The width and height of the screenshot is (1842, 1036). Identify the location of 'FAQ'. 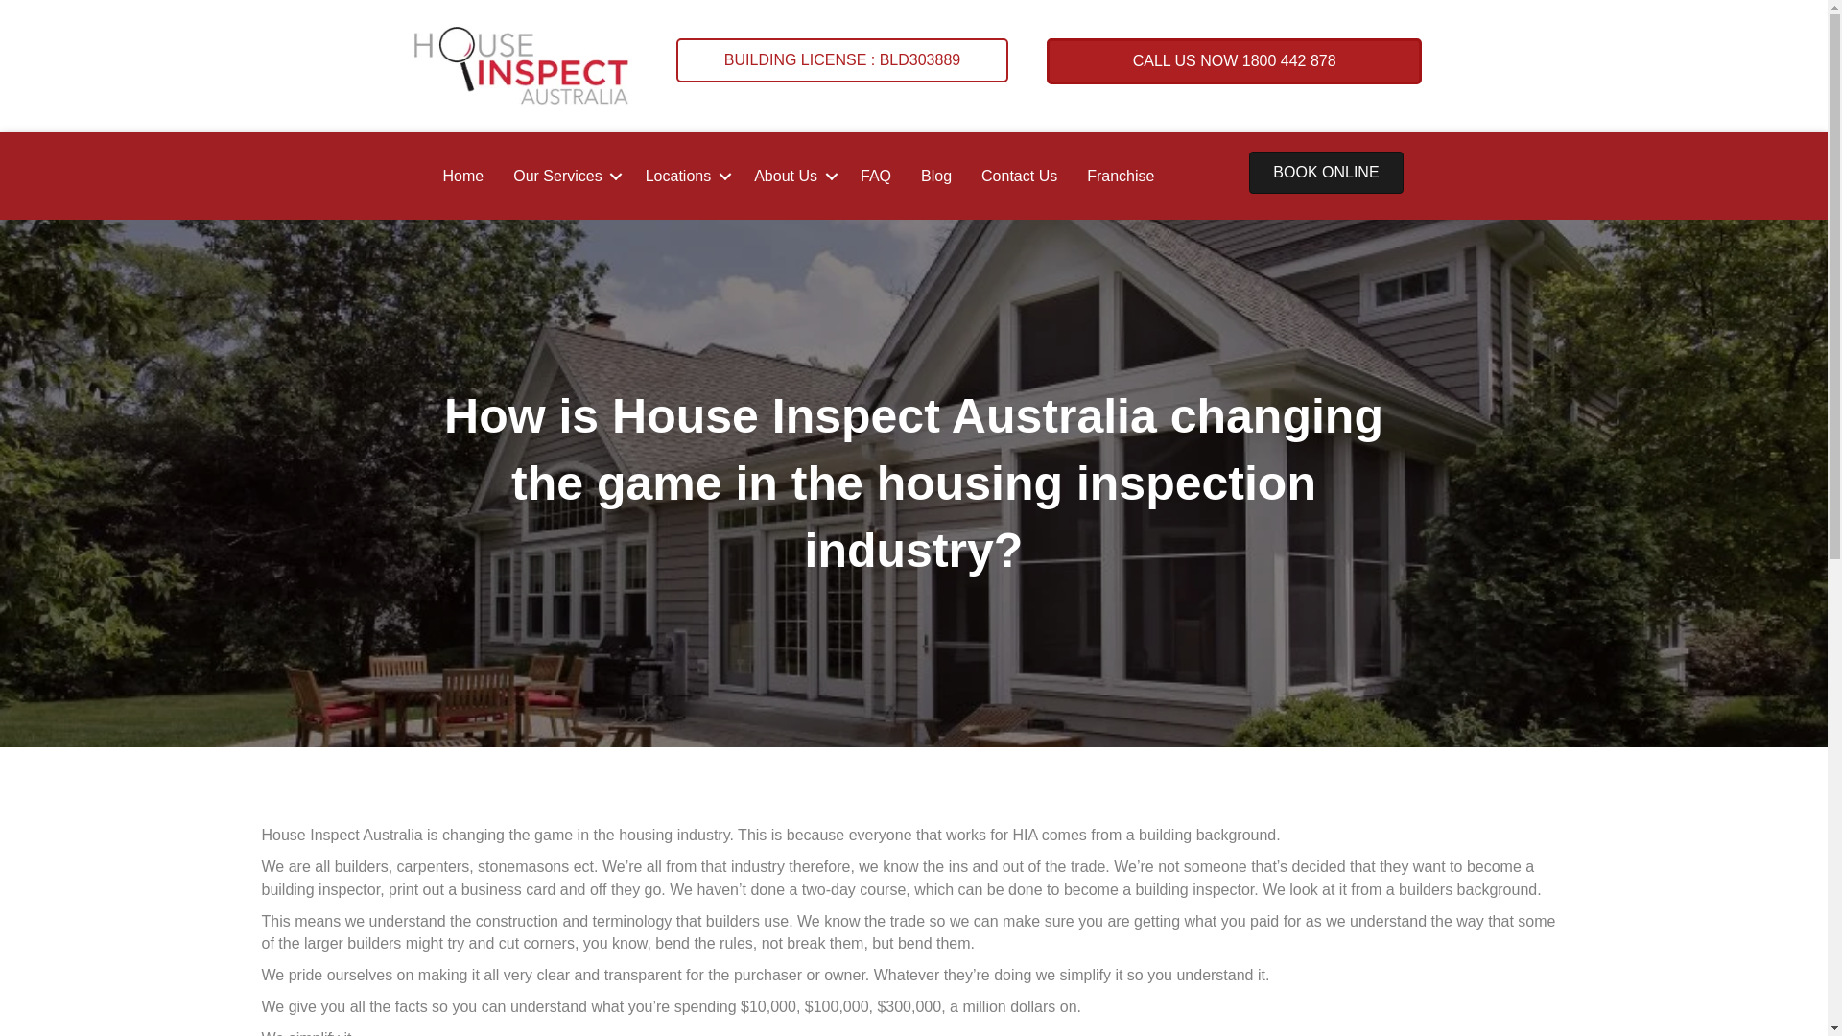
(874, 176).